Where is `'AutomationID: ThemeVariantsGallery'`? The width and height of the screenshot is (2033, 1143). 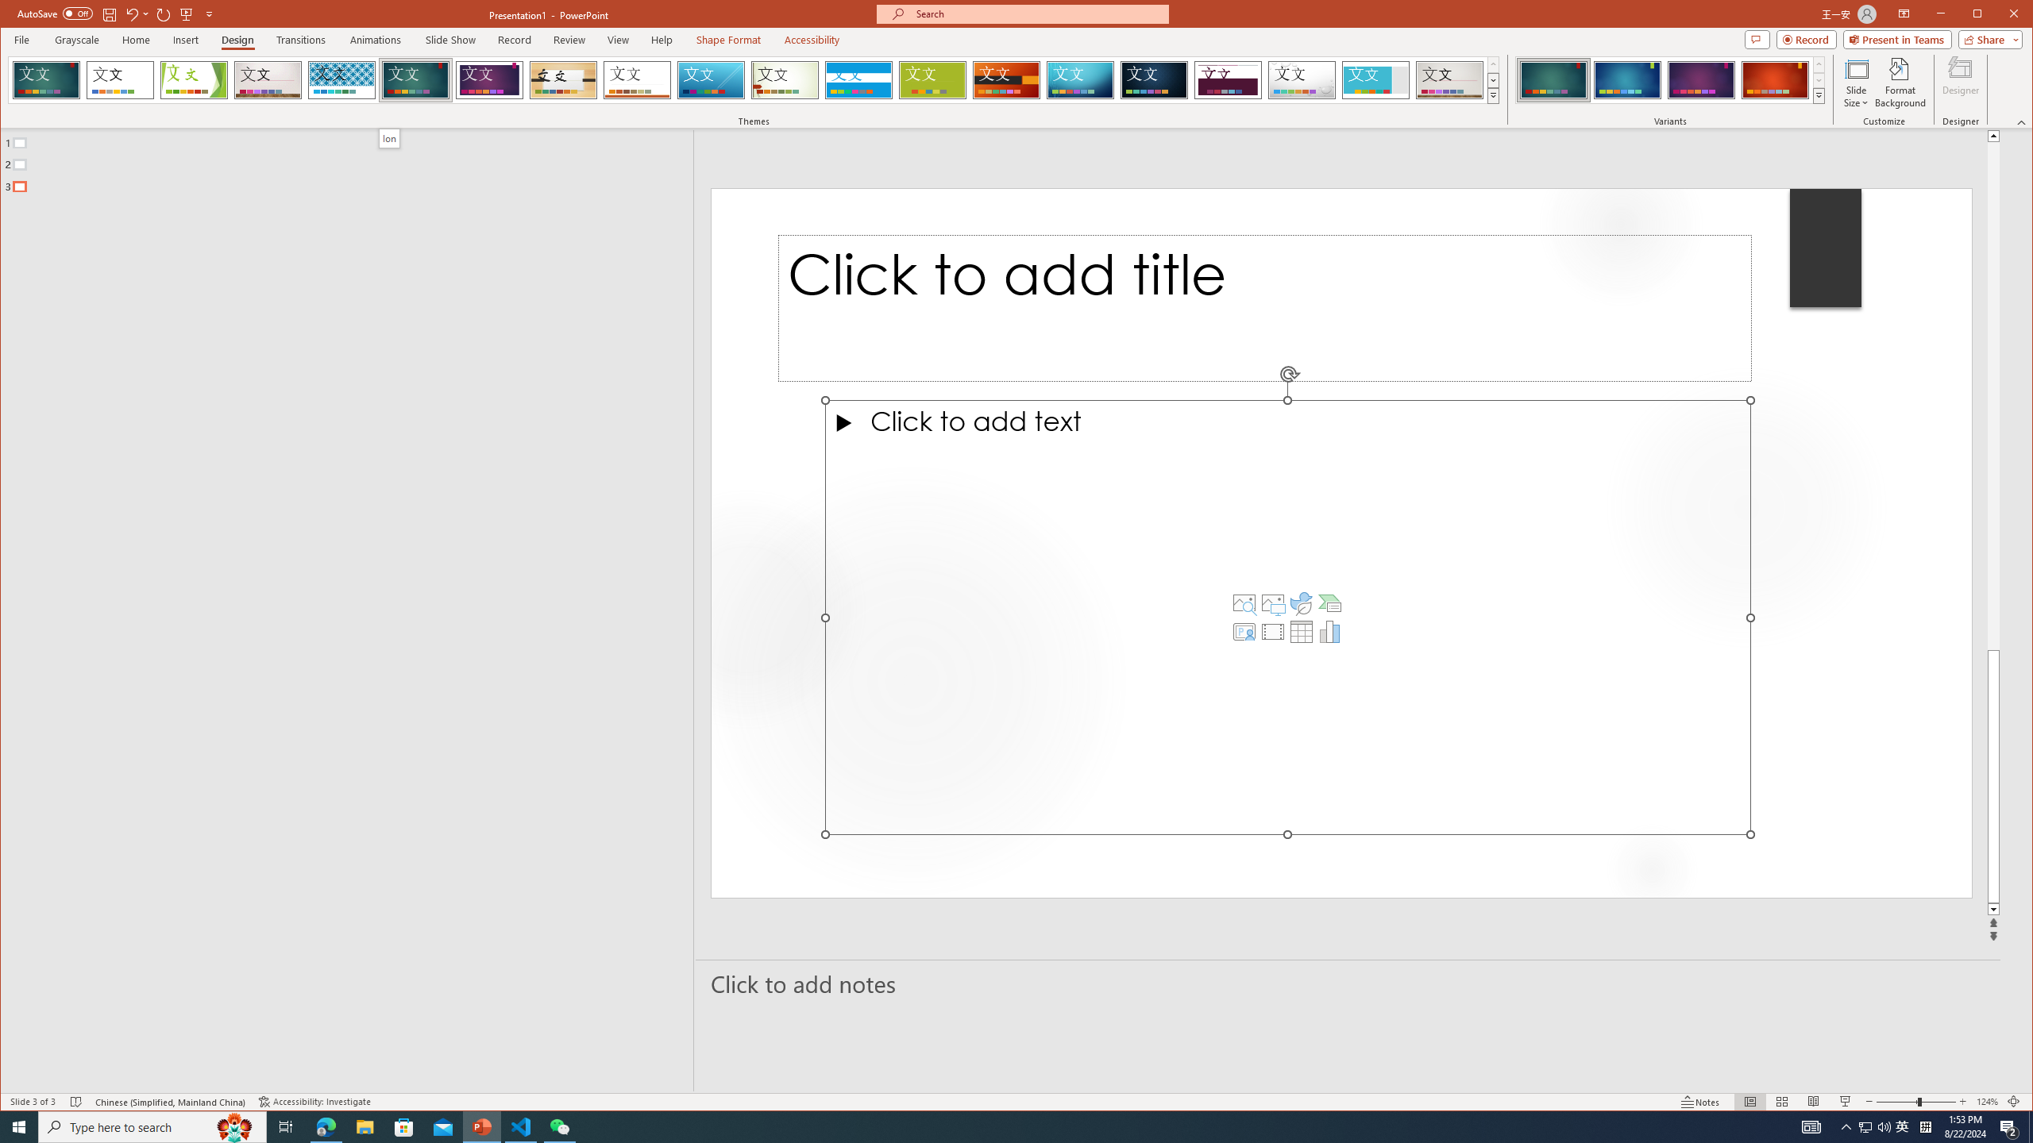
'AutomationID: ThemeVariantsGallery' is located at coordinates (1670, 79).